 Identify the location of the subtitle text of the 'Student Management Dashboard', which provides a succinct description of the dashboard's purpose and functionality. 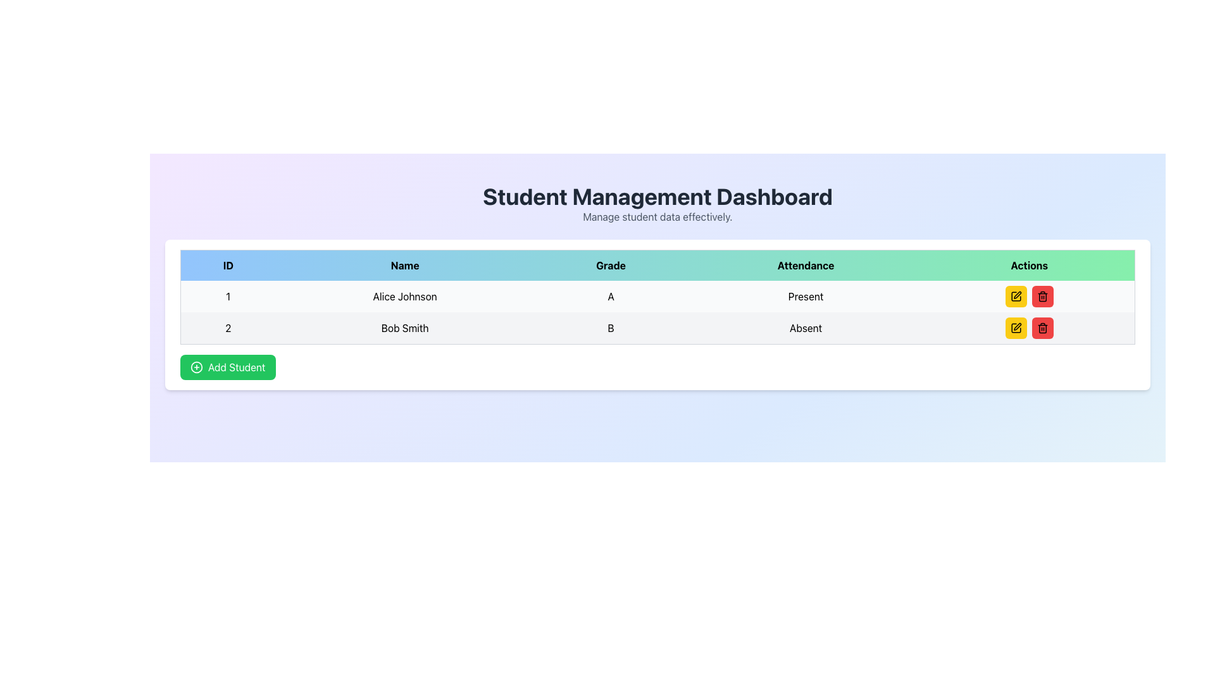
(657, 216).